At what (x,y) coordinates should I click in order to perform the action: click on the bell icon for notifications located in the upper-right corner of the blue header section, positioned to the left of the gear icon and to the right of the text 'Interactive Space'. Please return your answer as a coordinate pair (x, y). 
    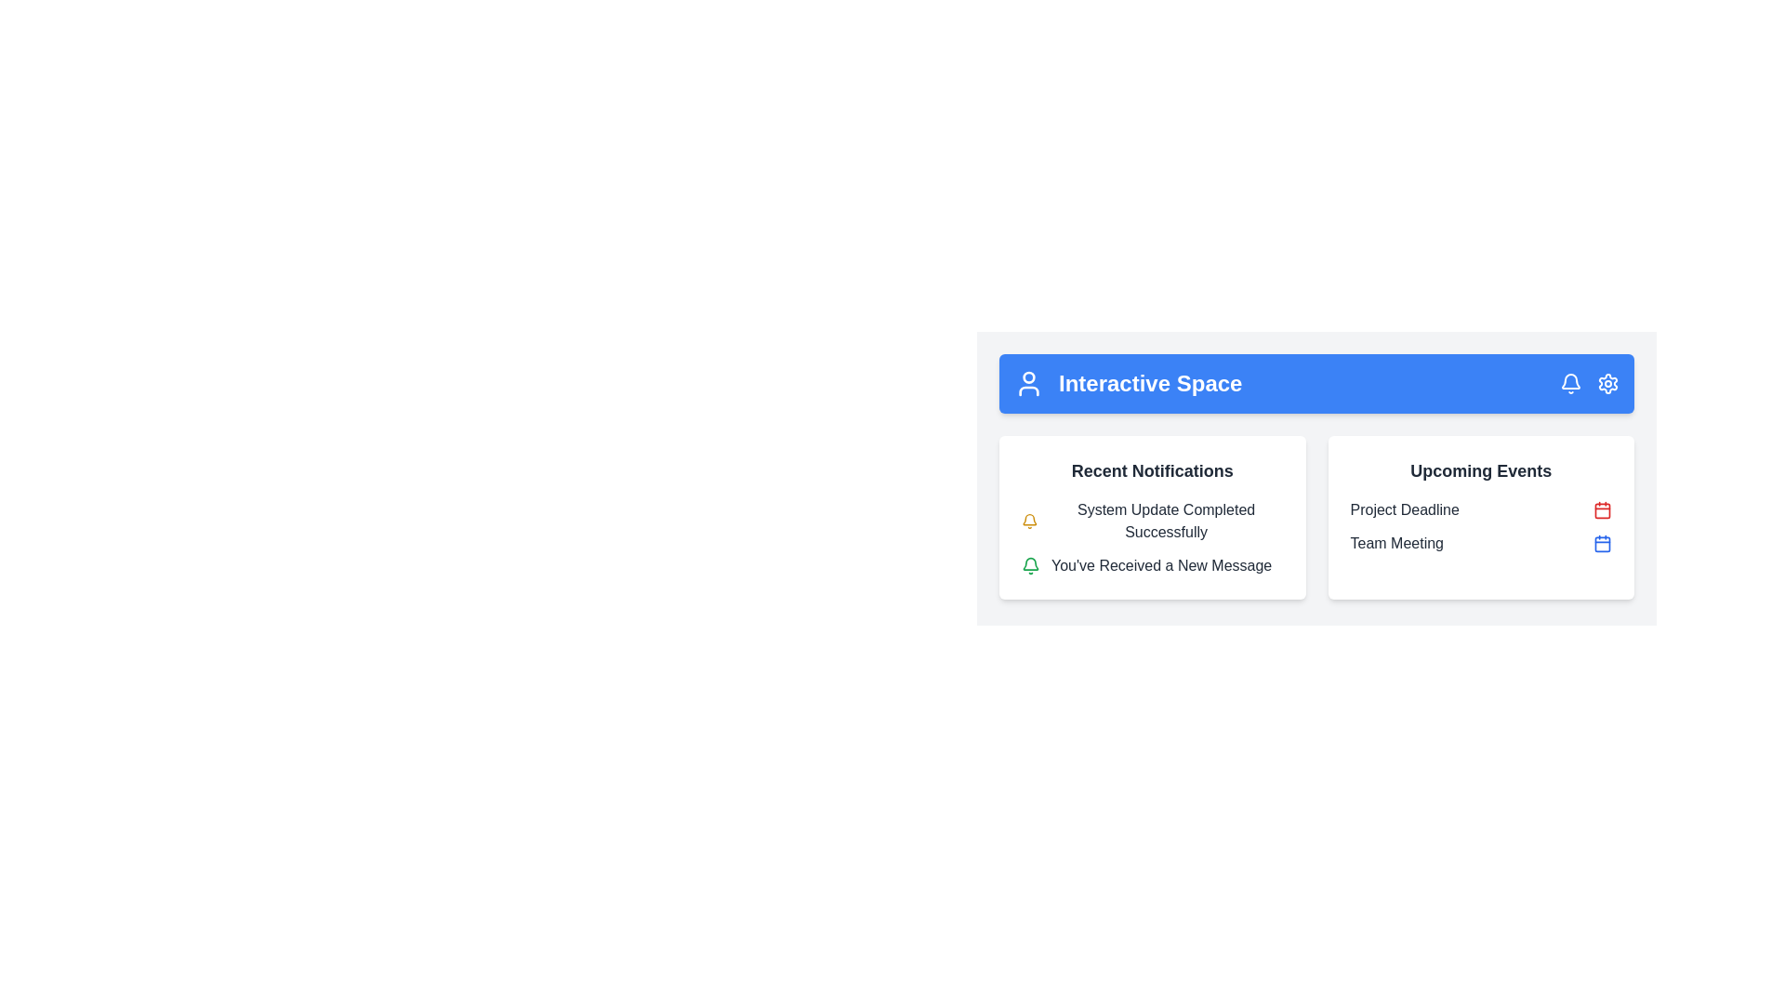
    Looking at the image, I should click on (1569, 380).